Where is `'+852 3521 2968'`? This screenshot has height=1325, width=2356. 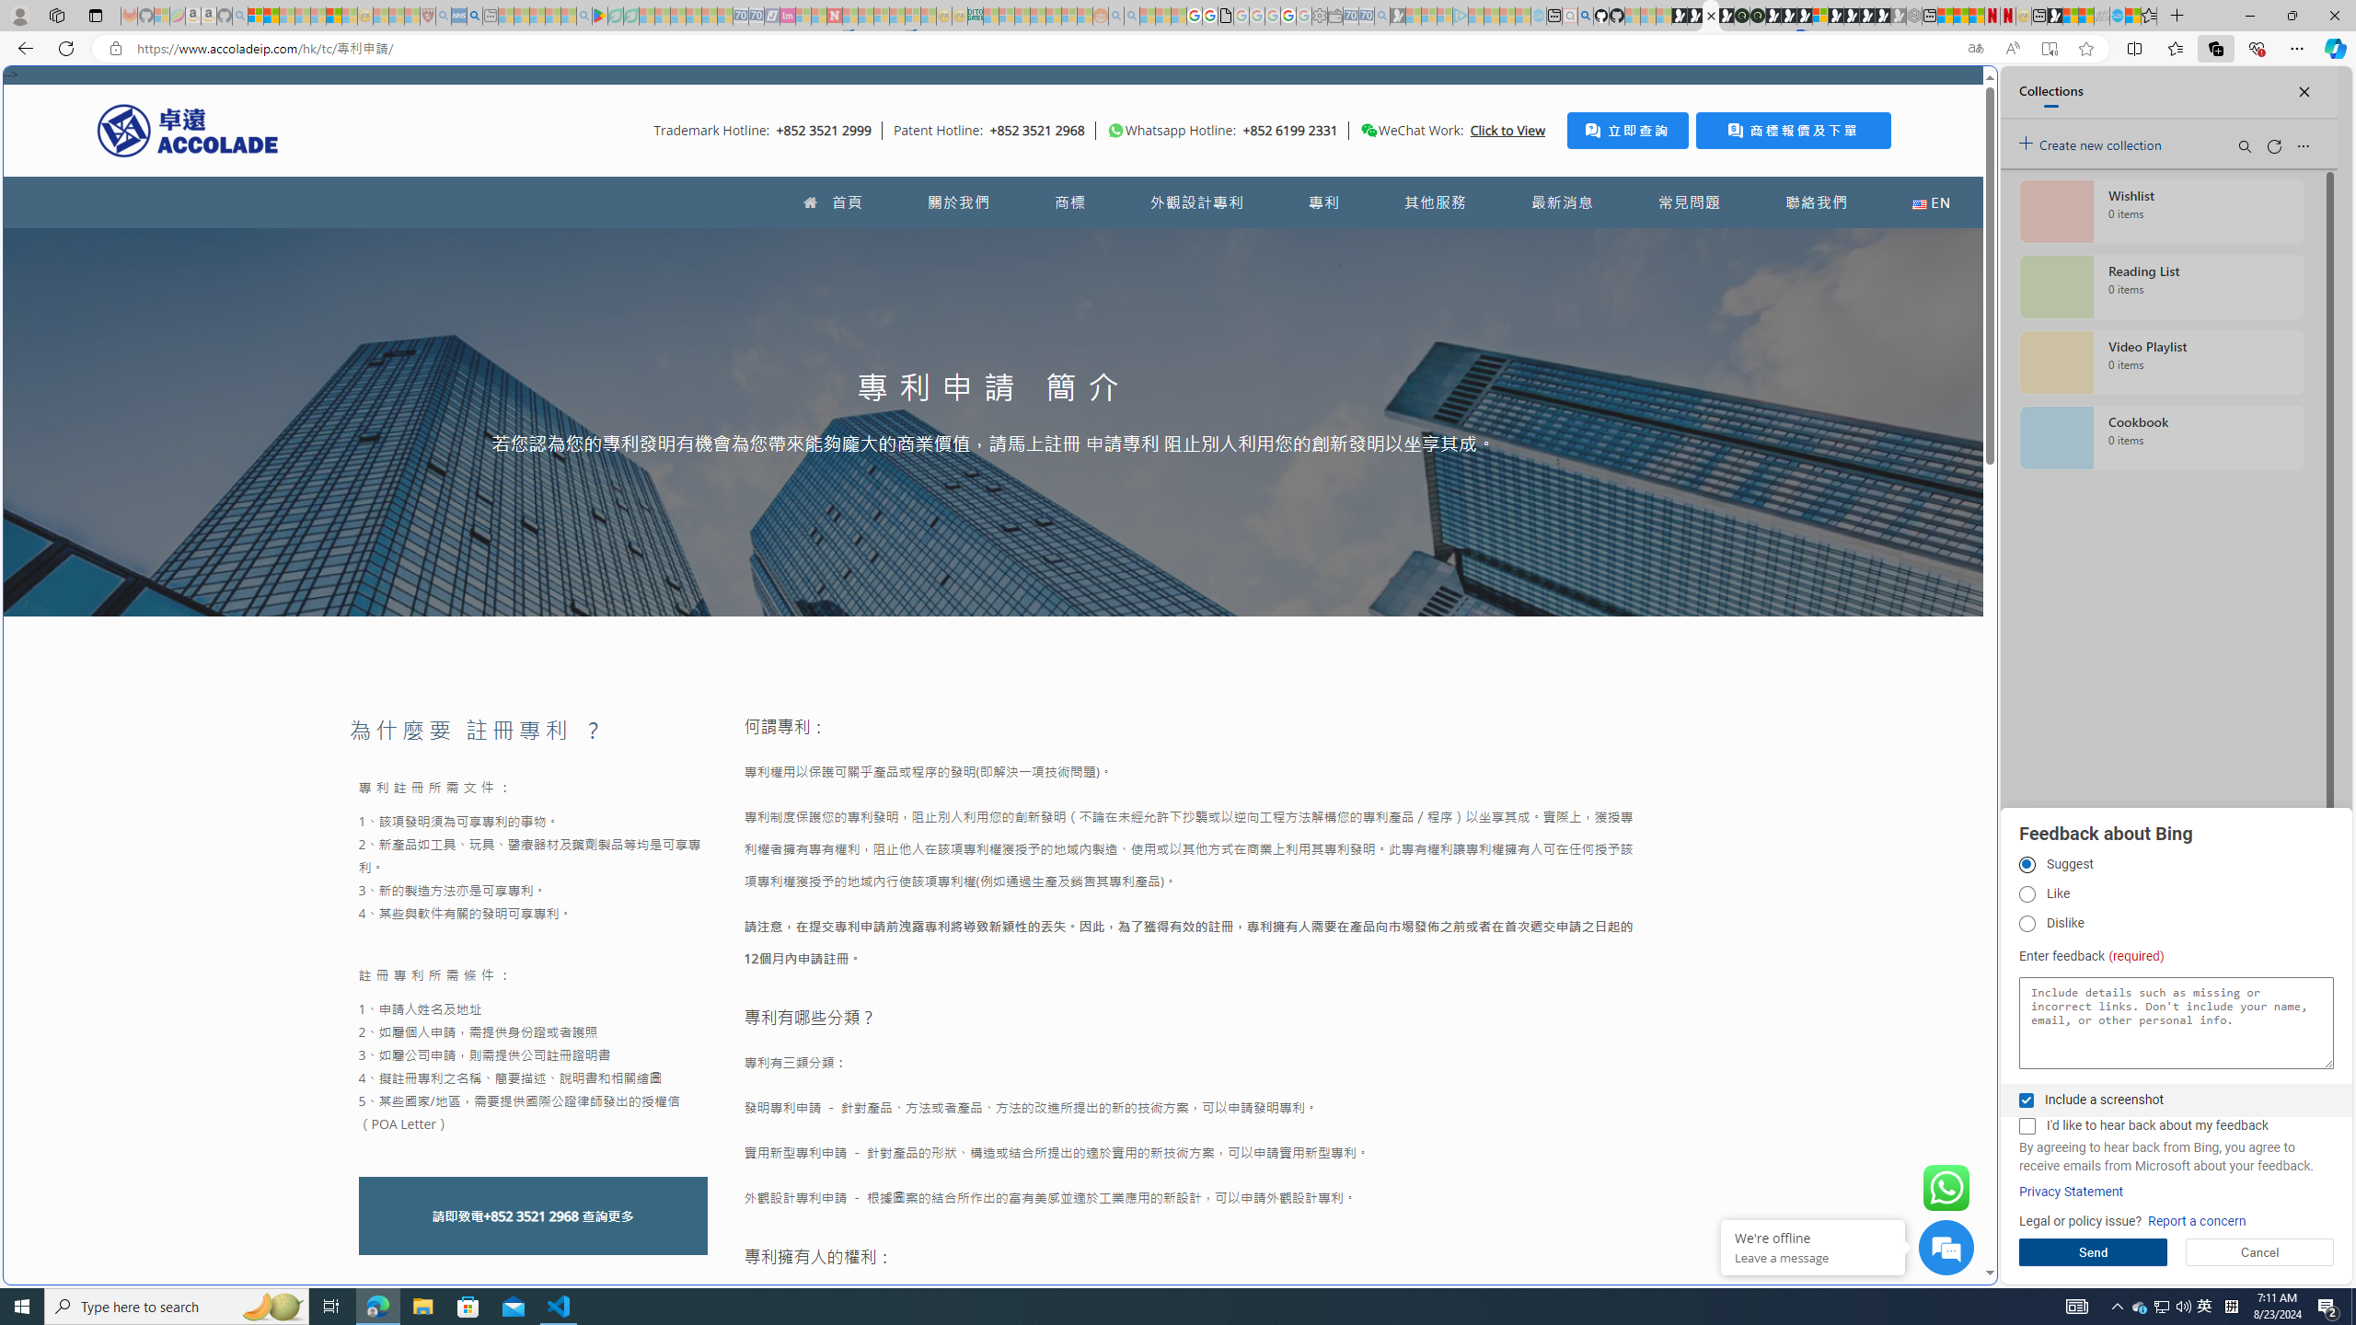
'+852 3521 2968' is located at coordinates (530, 1216).